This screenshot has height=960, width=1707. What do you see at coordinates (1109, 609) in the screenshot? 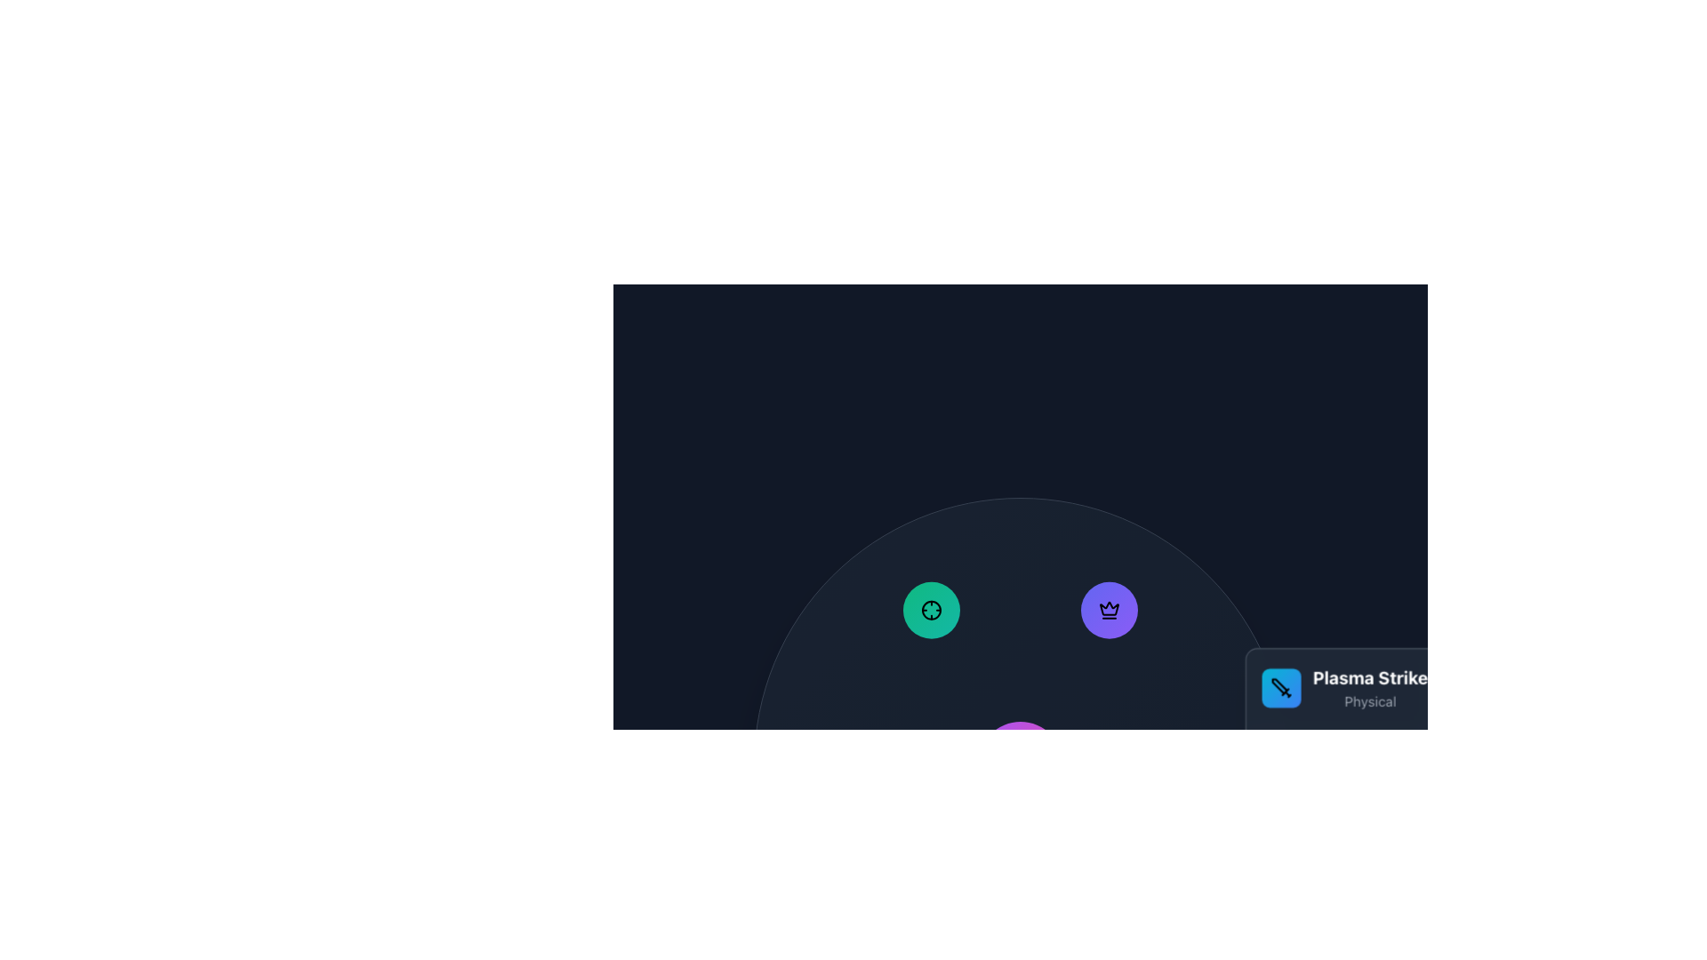
I see `the circular button with a gradient background and a crown-shaped icon` at bounding box center [1109, 609].